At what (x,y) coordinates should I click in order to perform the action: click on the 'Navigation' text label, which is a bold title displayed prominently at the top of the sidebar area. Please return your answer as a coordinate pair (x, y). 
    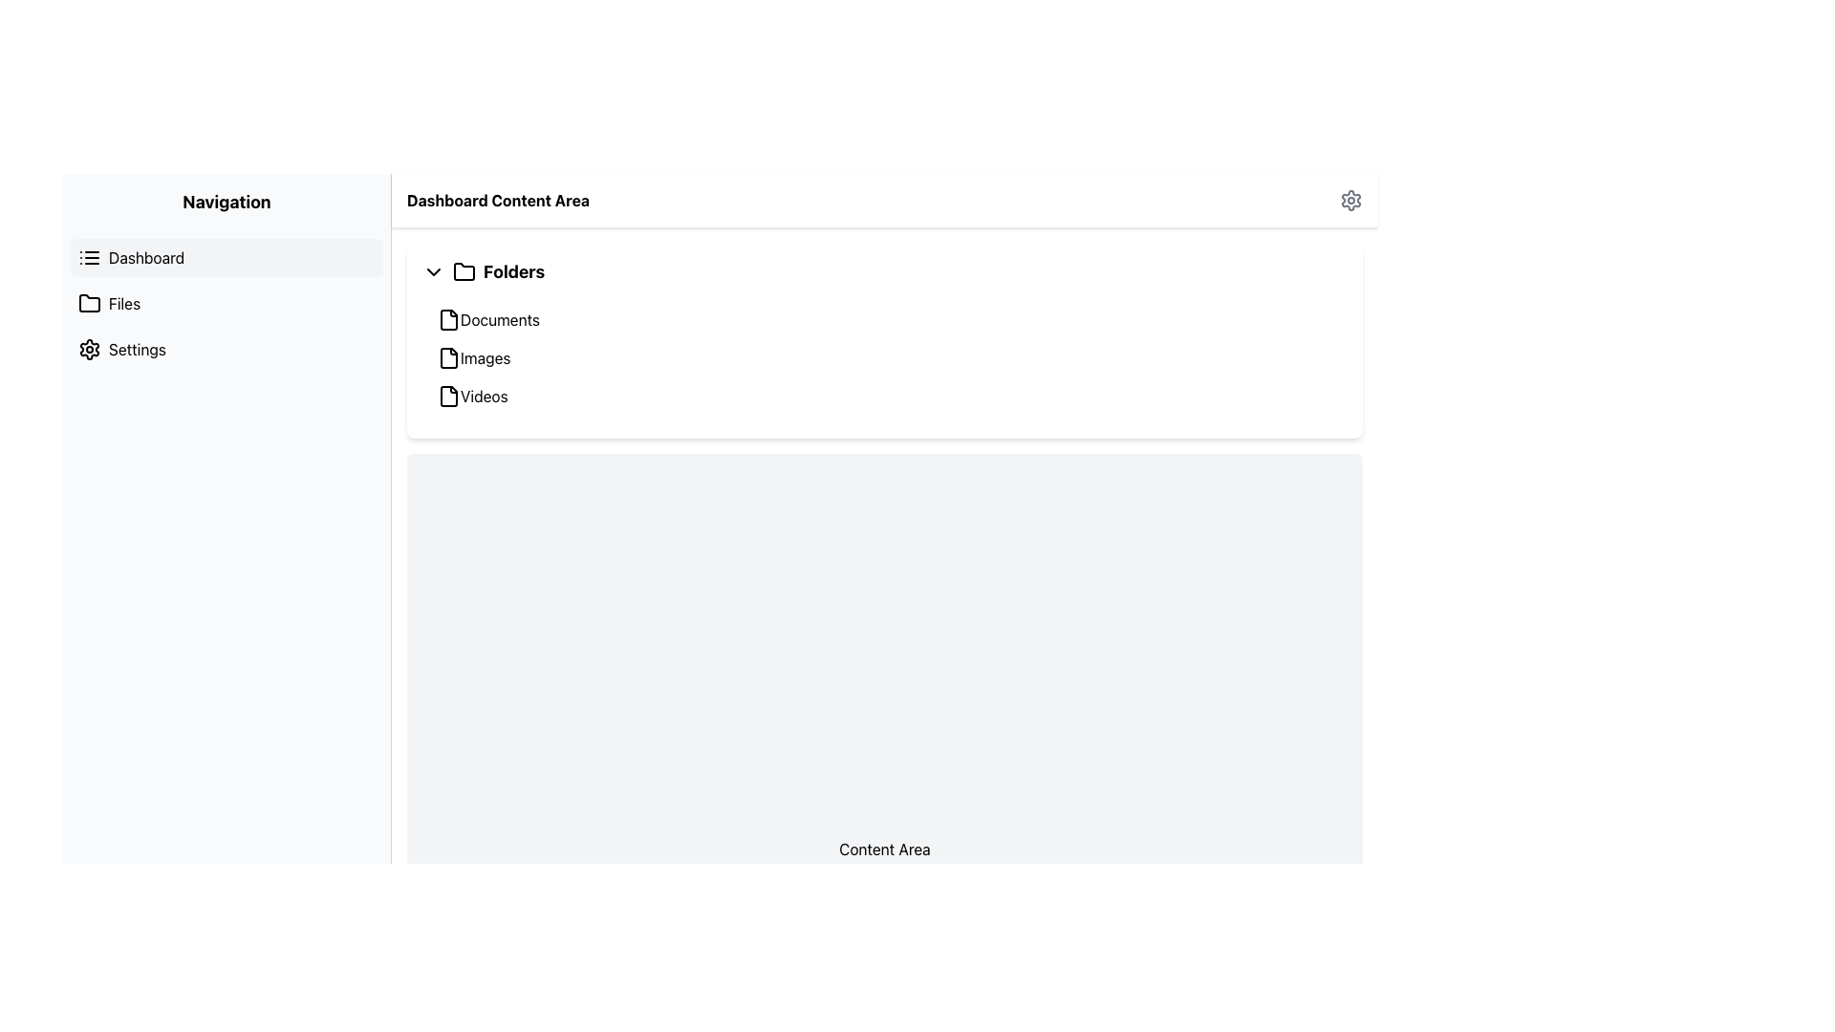
    Looking at the image, I should click on (227, 203).